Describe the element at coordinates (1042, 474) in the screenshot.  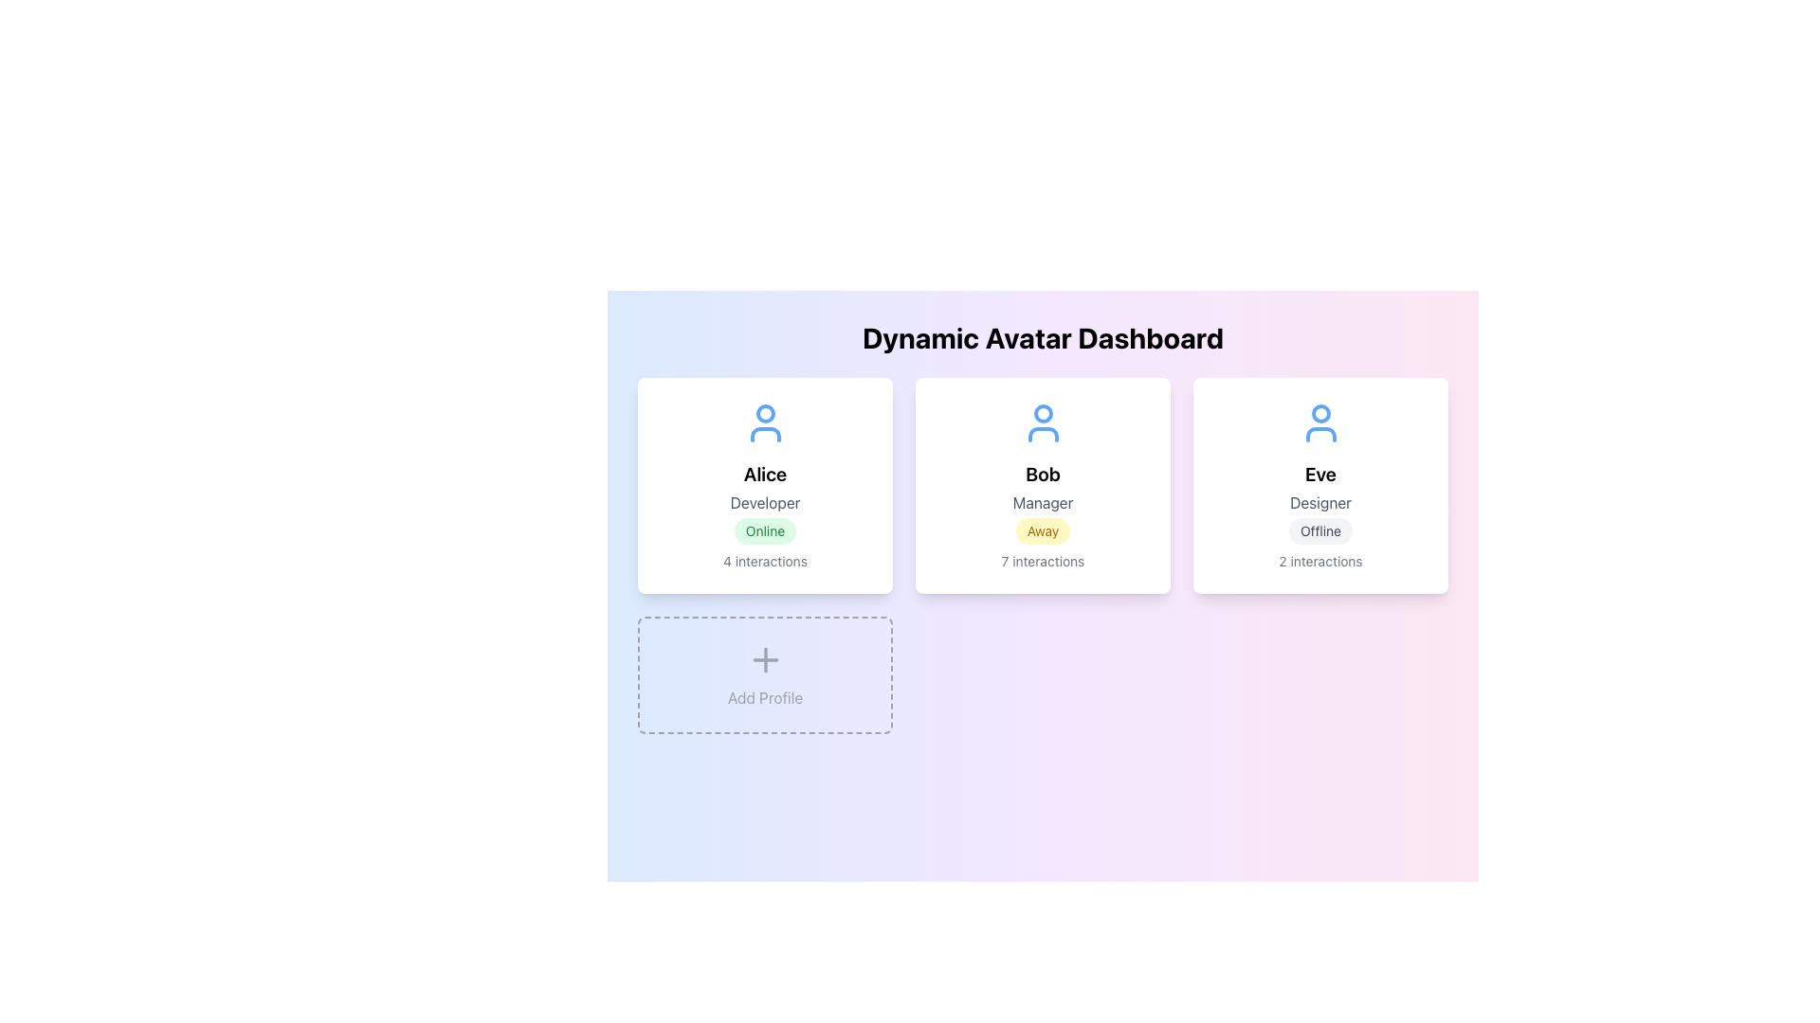
I see `the user name text label located in the center of the middle card among three horizontally aligned cards, positioned beneath the user icon and above the designation text 'Manager'` at that location.